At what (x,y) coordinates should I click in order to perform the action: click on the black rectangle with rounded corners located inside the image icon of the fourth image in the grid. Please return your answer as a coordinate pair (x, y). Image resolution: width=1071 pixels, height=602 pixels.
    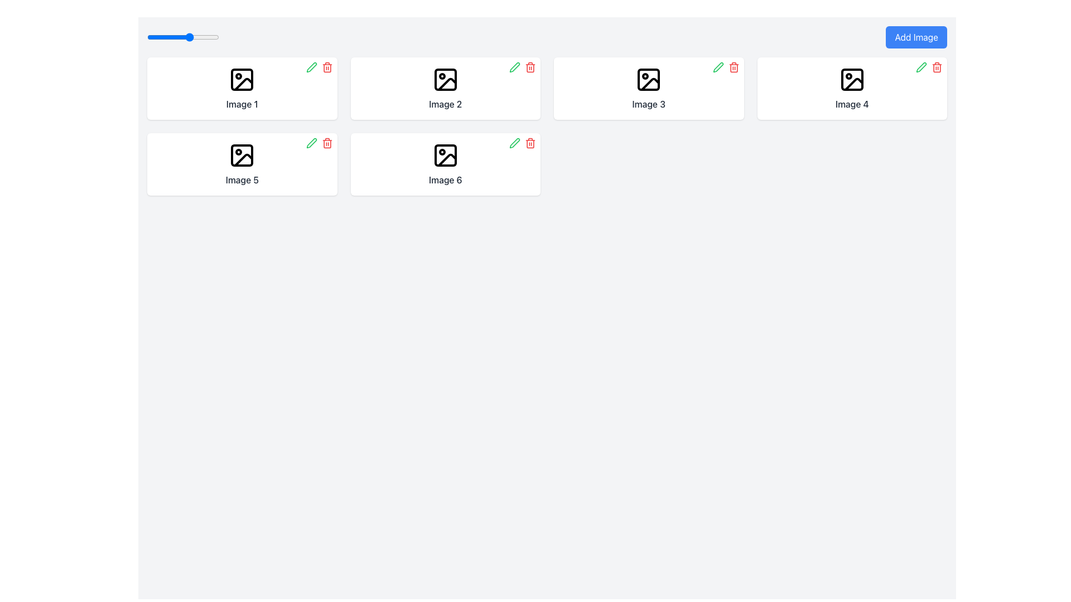
    Looking at the image, I should click on (851, 79).